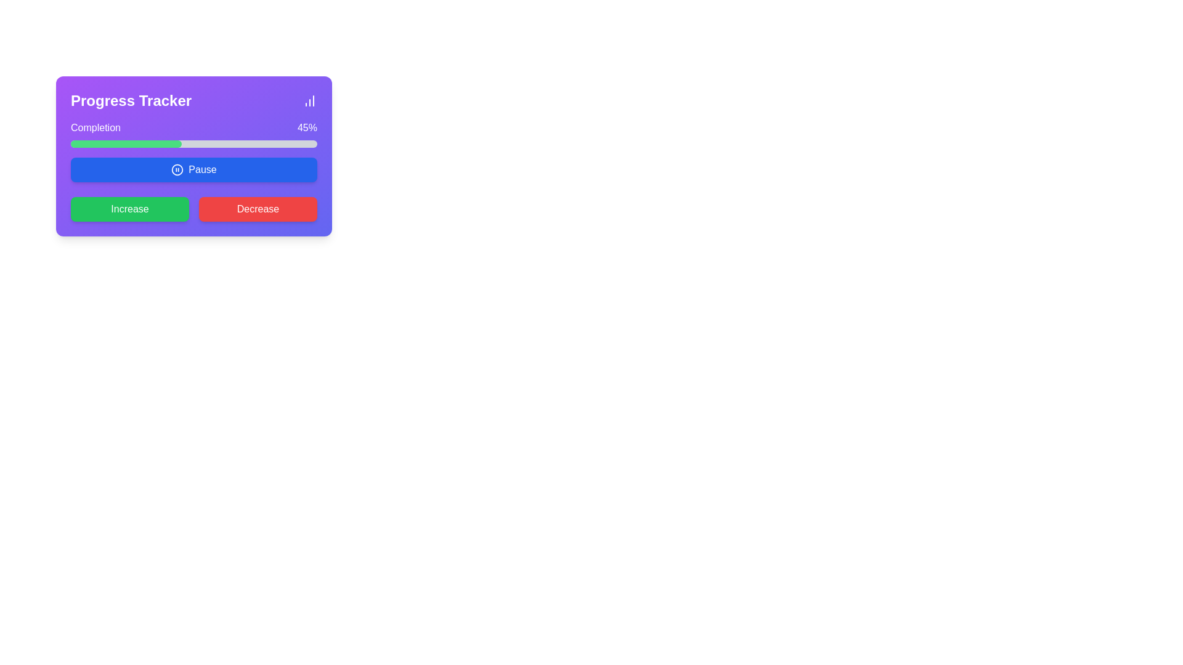 This screenshot has width=1183, height=665. Describe the element at coordinates (130, 208) in the screenshot. I see `the green 'Increase' button with rounded corners` at that location.